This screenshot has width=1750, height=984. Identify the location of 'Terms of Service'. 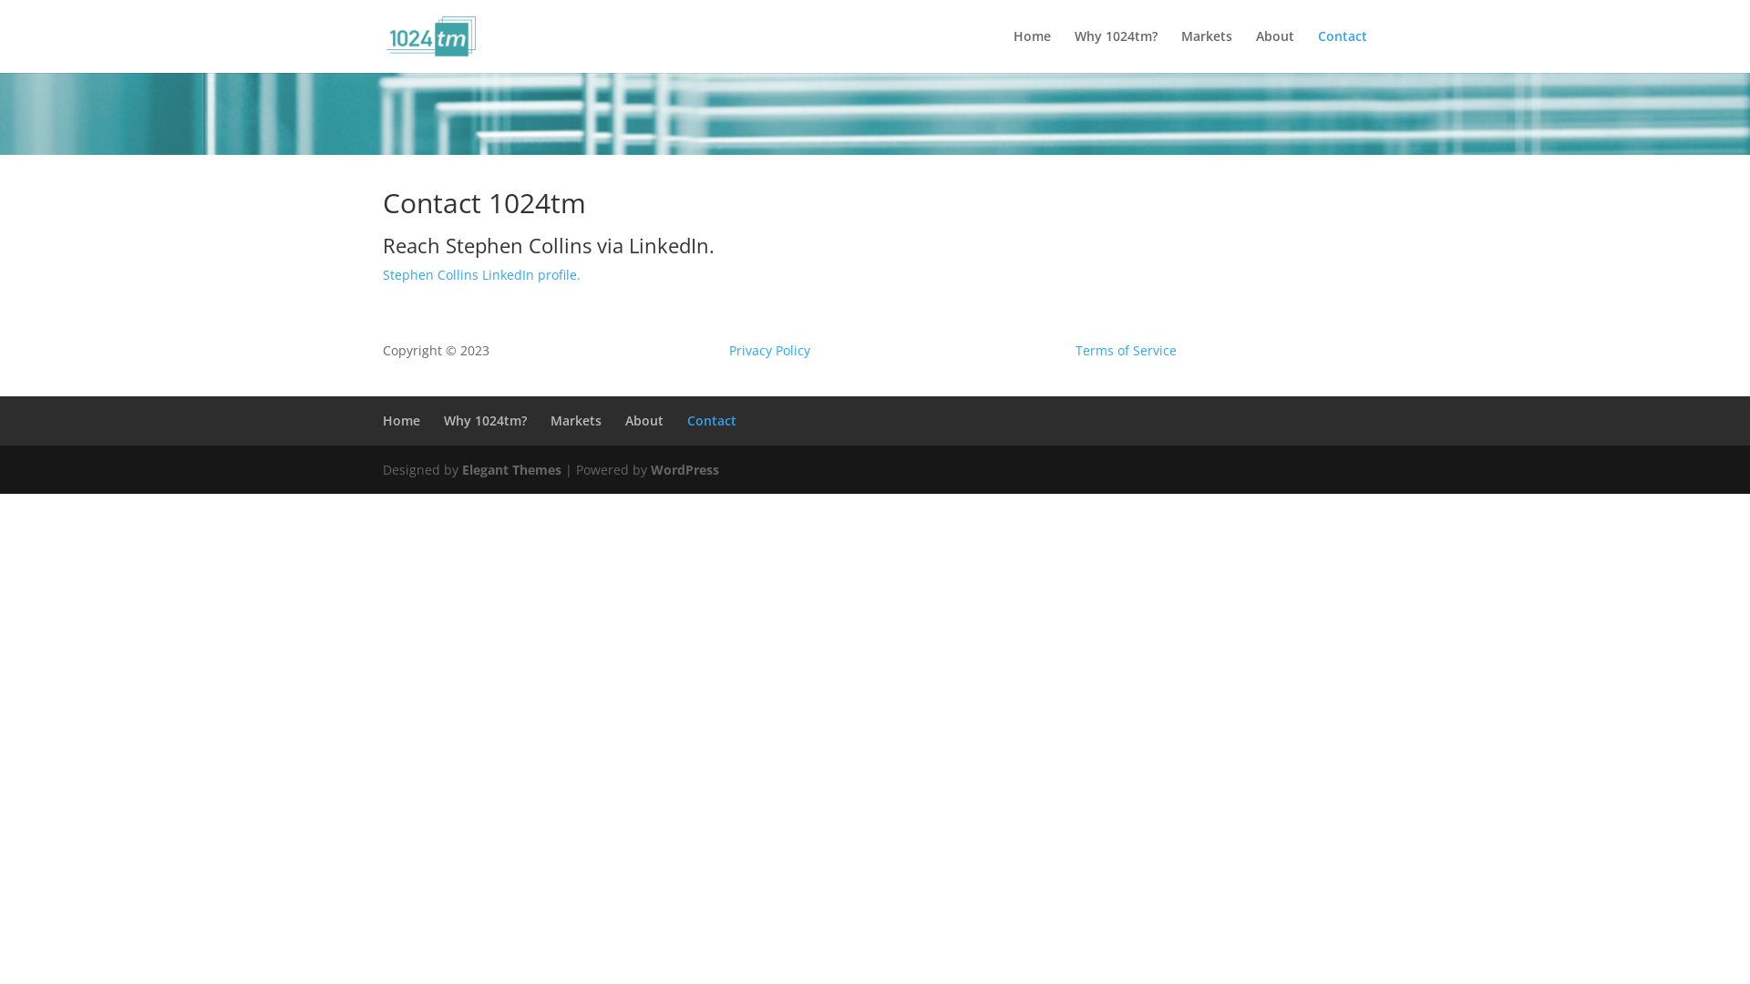
(1125, 350).